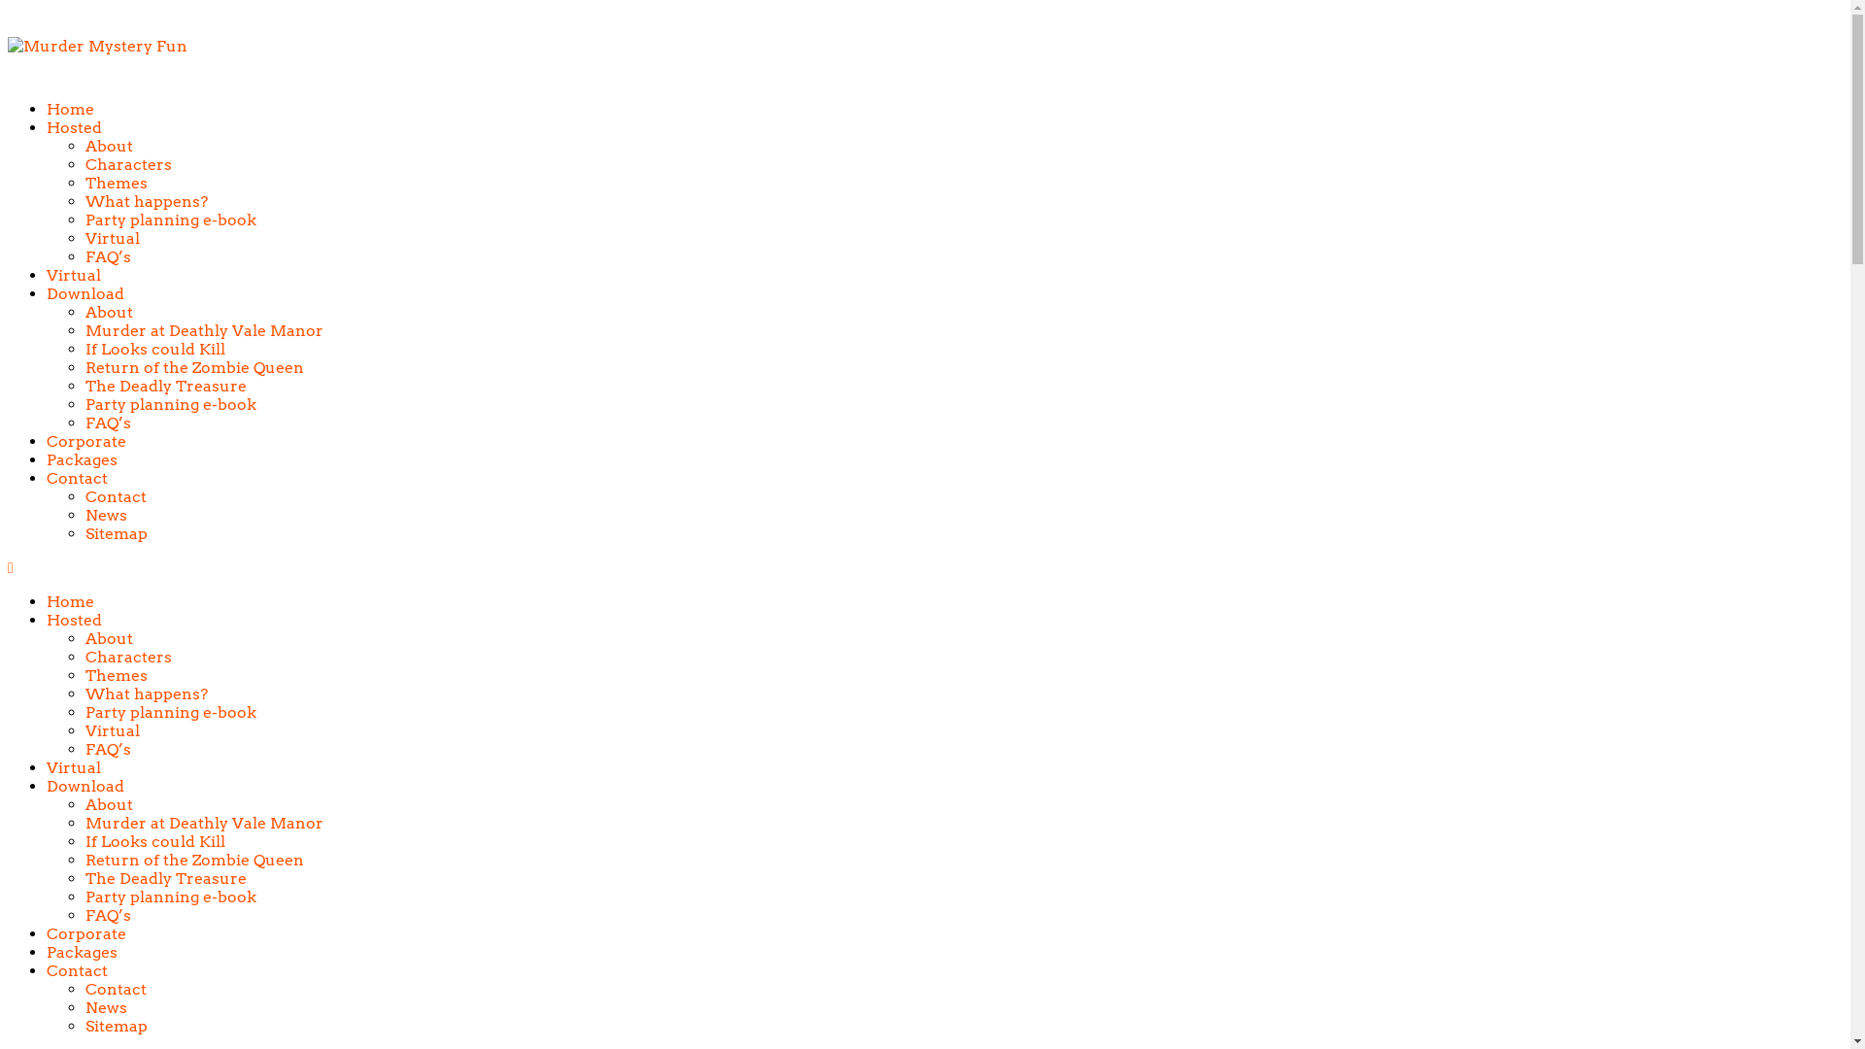  What do you see at coordinates (8, 45) in the screenshot?
I see `'Murder Mystery Fun'` at bounding box center [8, 45].